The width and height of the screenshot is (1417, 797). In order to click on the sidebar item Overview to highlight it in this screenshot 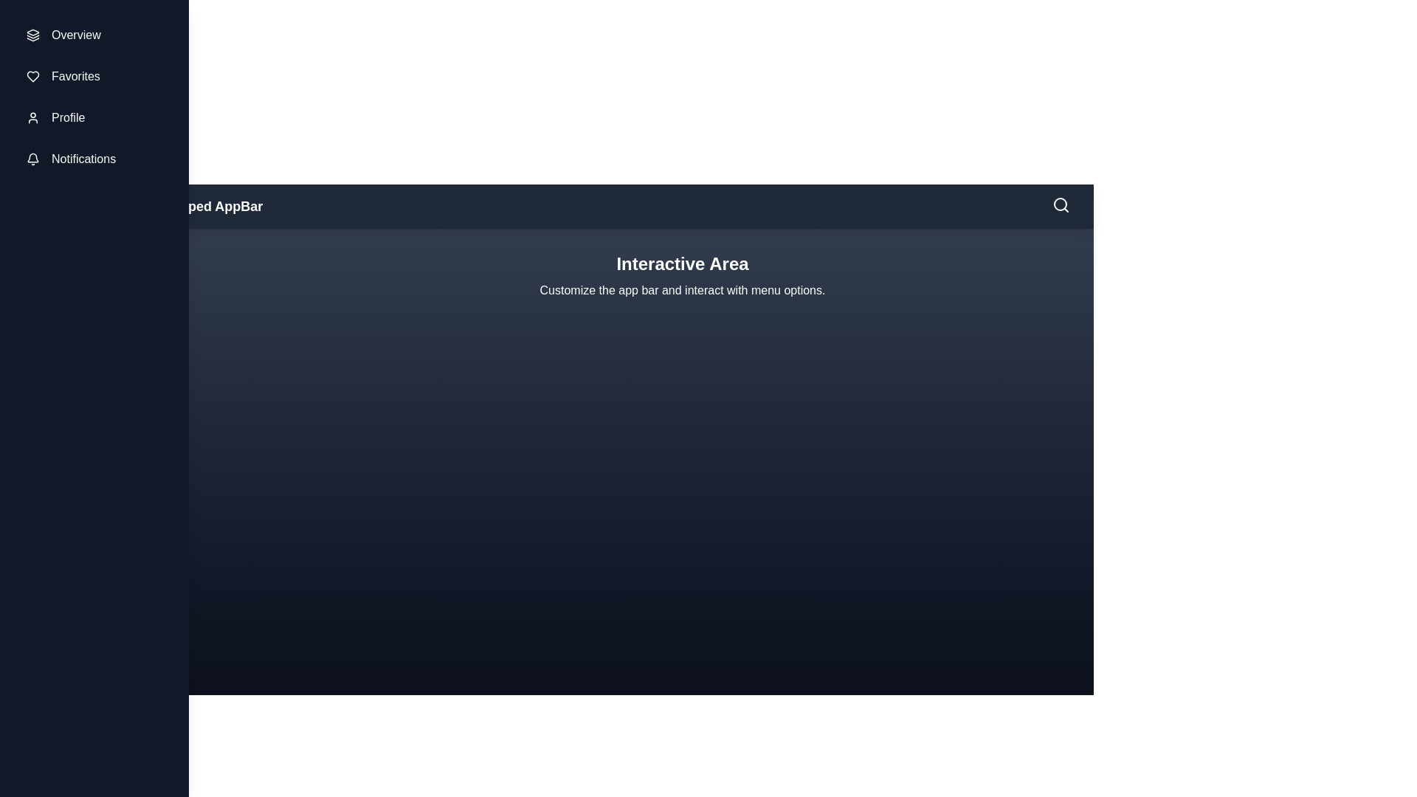, I will do `click(94, 34)`.